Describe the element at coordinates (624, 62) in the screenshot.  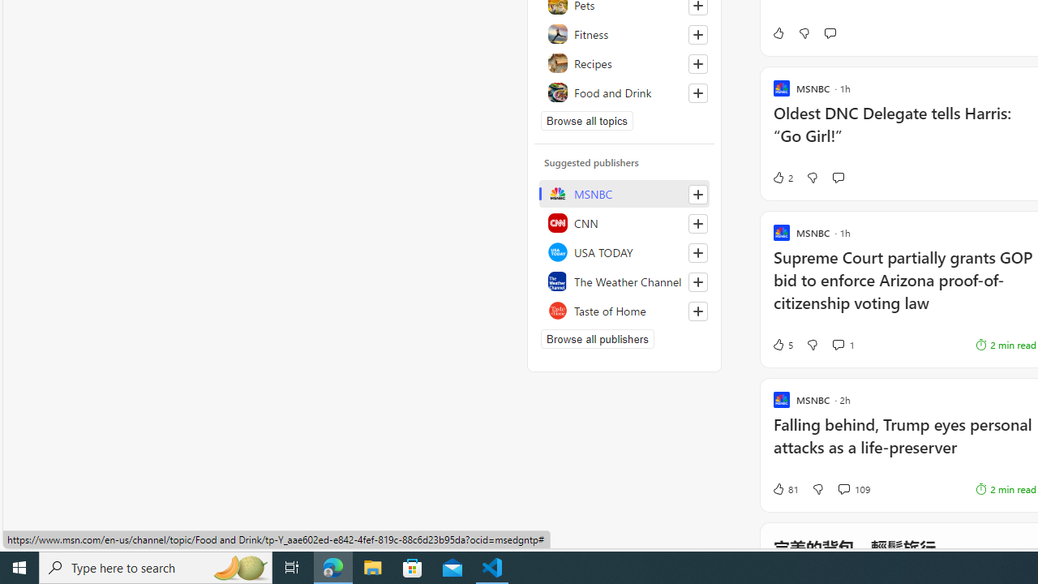
I see `'Recipes'` at that location.